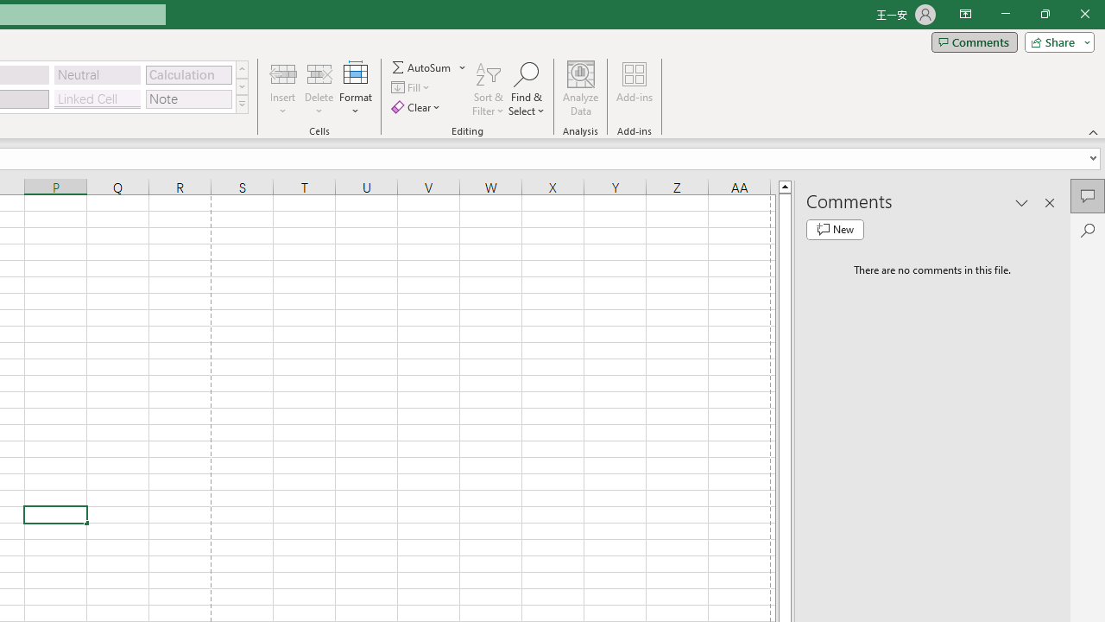 This screenshot has width=1105, height=622. I want to click on 'Sum', so click(422, 67).